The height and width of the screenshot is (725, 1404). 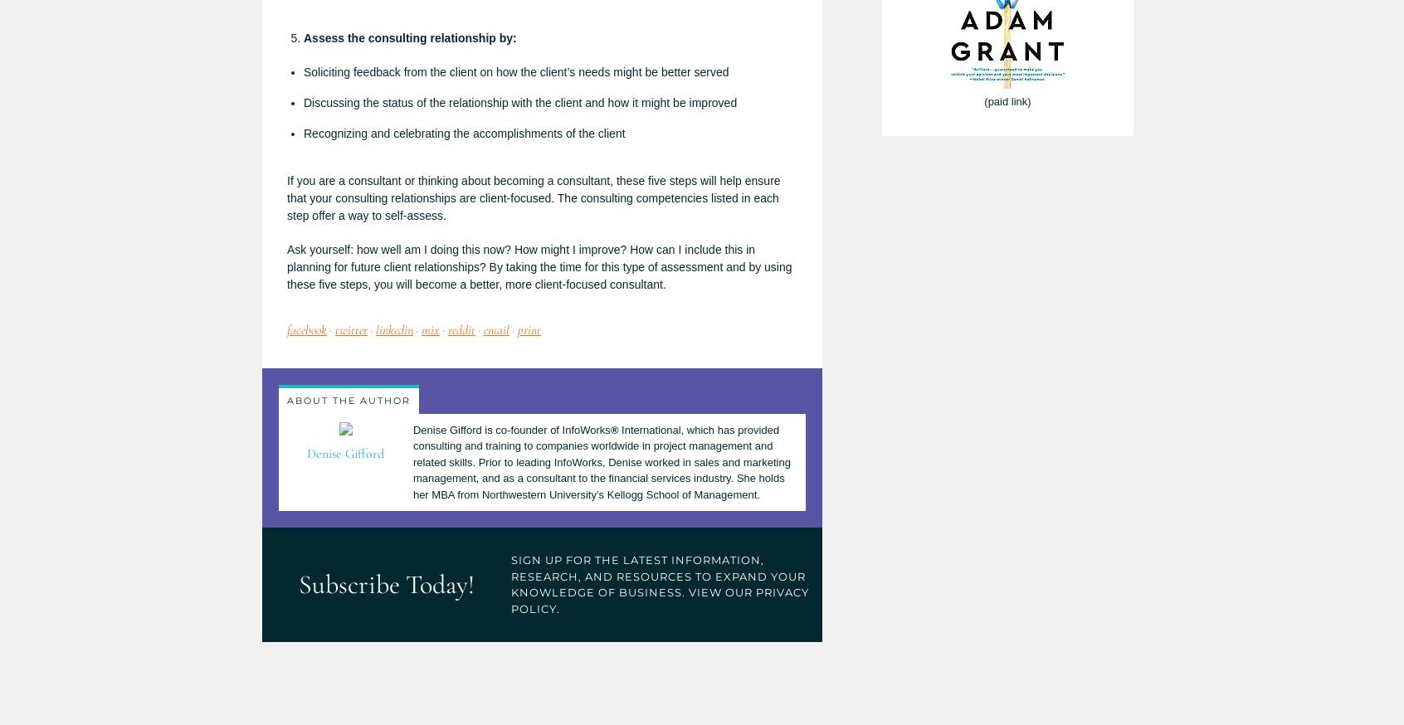 I want to click on 'Soliciting feedback from the client on how the client’s needs might be better served', so click(x=303, y=71).